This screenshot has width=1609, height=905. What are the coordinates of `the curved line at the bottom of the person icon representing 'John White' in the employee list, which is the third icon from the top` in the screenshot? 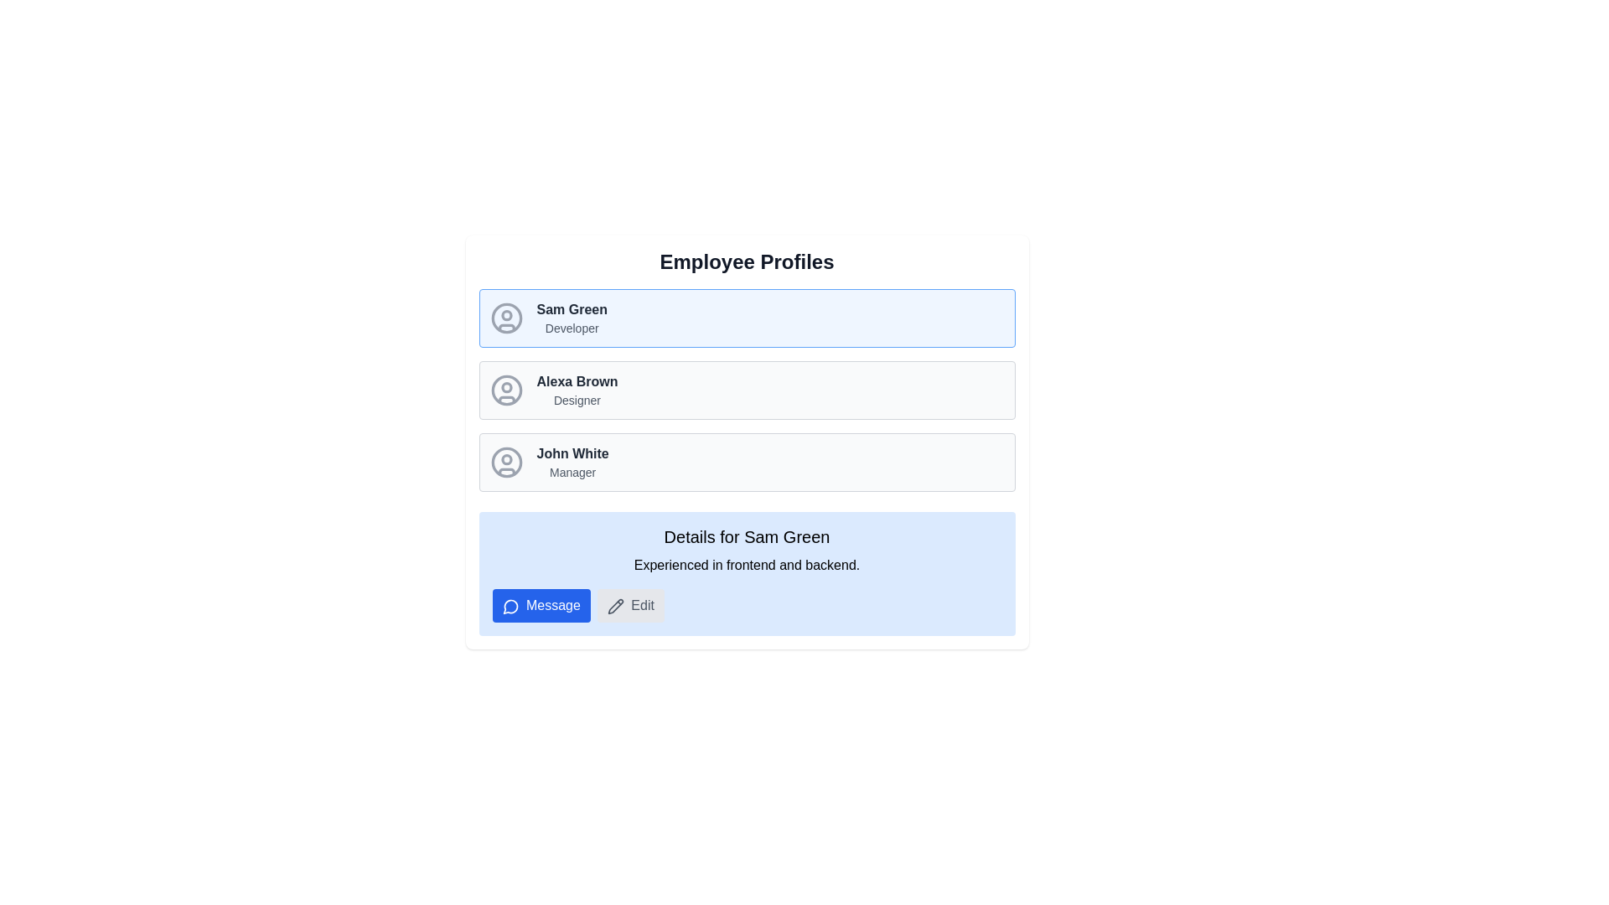 It's located at (505, 472).